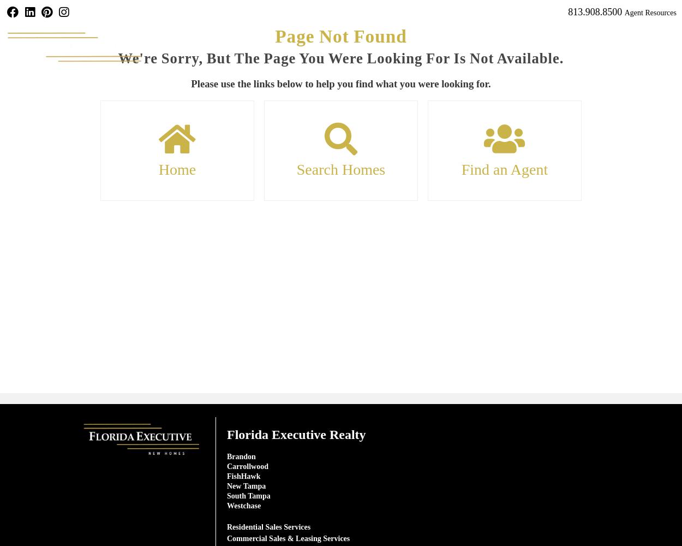 This screenshot has width=682, height=546. What do you see at coordinates (594, 12) in the screenshot?
I see `'813.908.8500'` at bounding box center [594, 12].